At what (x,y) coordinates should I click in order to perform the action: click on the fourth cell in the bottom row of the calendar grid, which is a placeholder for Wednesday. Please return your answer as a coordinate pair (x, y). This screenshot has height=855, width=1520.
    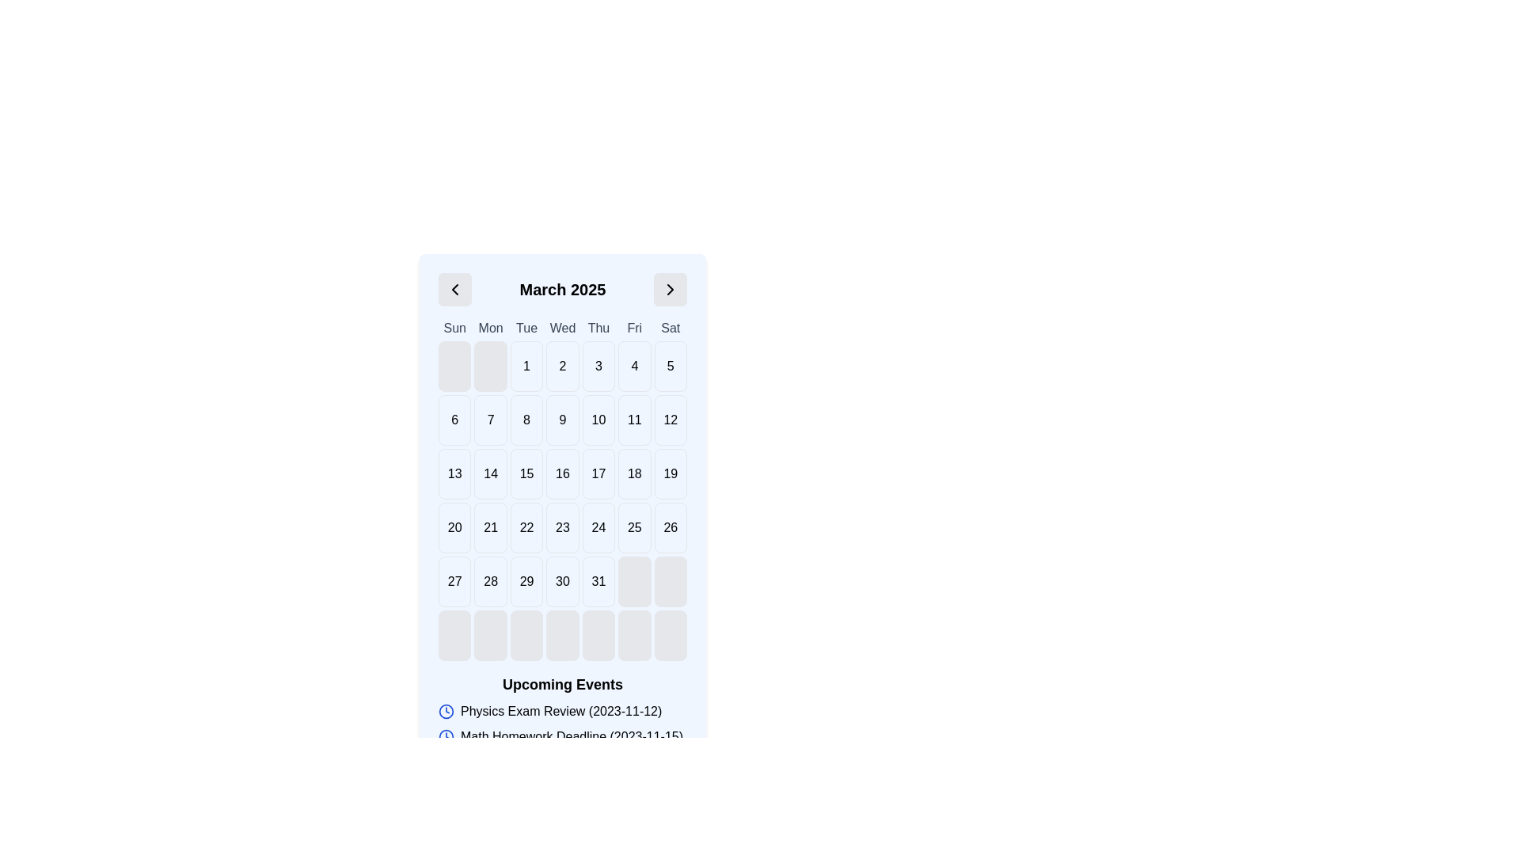
    Looking at the image, I should click on (562, 634).